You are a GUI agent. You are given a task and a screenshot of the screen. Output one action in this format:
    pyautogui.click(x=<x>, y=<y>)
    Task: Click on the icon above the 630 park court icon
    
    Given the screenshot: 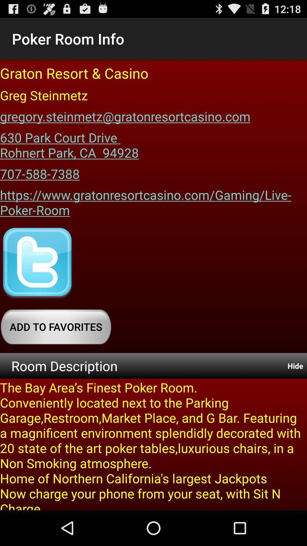 What is the action you would take?
    pyautogui.click(x=125, y=114)
    